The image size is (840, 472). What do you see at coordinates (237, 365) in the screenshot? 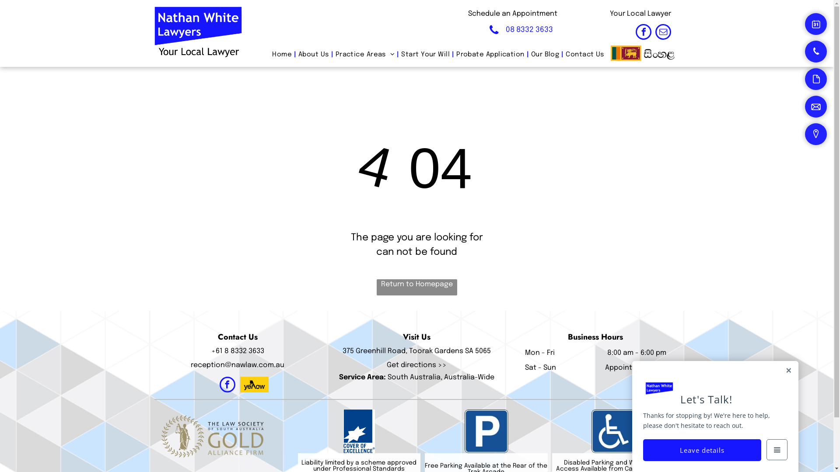
I see `'reception@nawlaw.com.au'` at bounding box center [237, 365].